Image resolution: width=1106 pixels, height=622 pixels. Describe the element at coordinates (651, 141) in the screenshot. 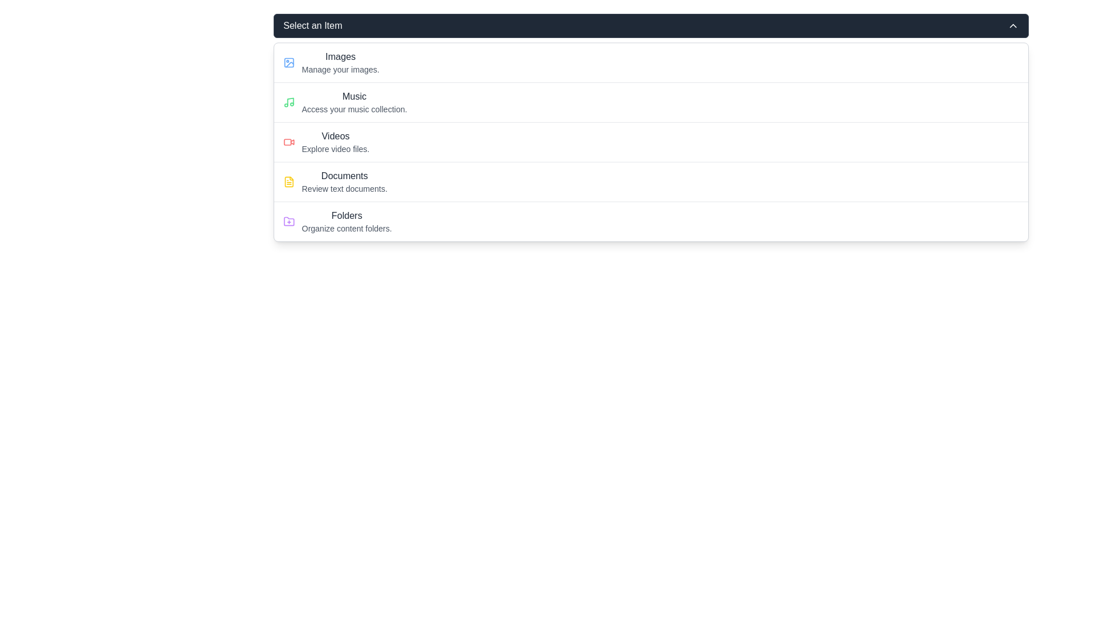

I see `the 'Videos' button, which is the third item in the vertical list of categories` at that location.